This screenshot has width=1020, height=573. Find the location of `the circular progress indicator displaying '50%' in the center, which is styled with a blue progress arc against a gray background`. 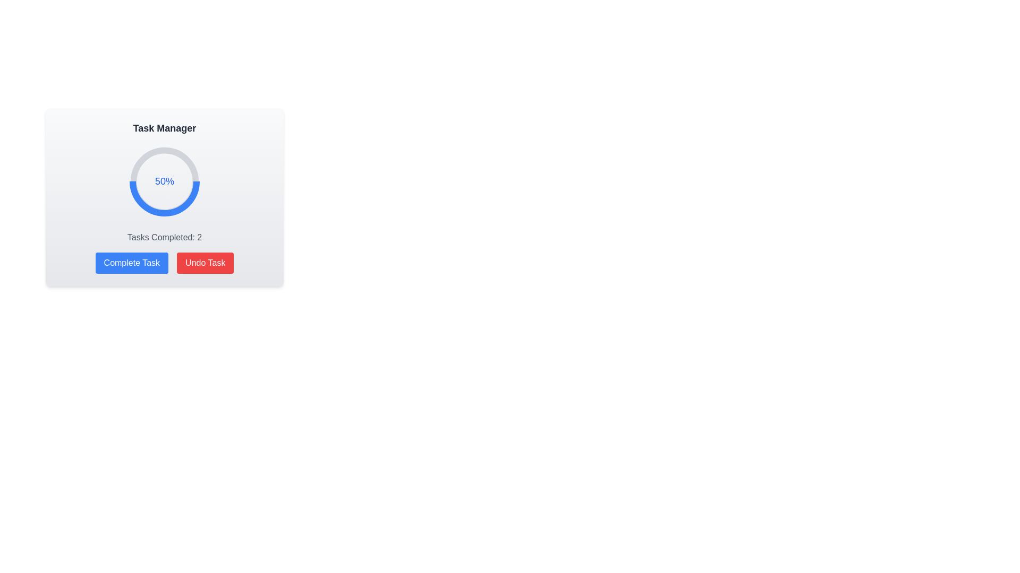

the circular progress indicator displaying '50%' in the center, which is styled with a blue progress arc against a gray background is located at coordinates (164, 197).